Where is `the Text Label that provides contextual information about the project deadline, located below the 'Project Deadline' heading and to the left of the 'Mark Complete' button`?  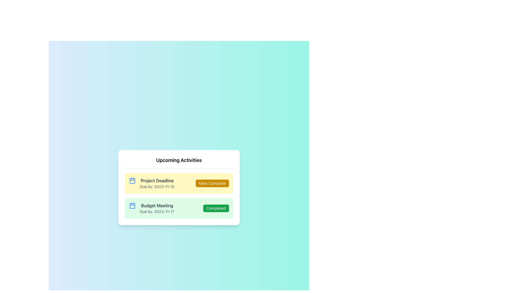 the Text Label that provides contextual information about the project deadline, located below the 'Project Deadline' heading and to the left of the 'Mark Complete' button is located at coordinates (157, 186).